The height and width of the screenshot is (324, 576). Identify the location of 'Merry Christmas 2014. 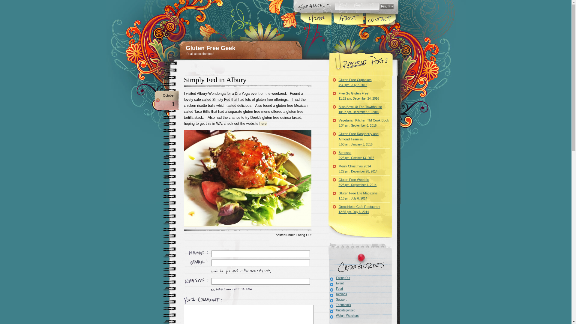
(331, 169).